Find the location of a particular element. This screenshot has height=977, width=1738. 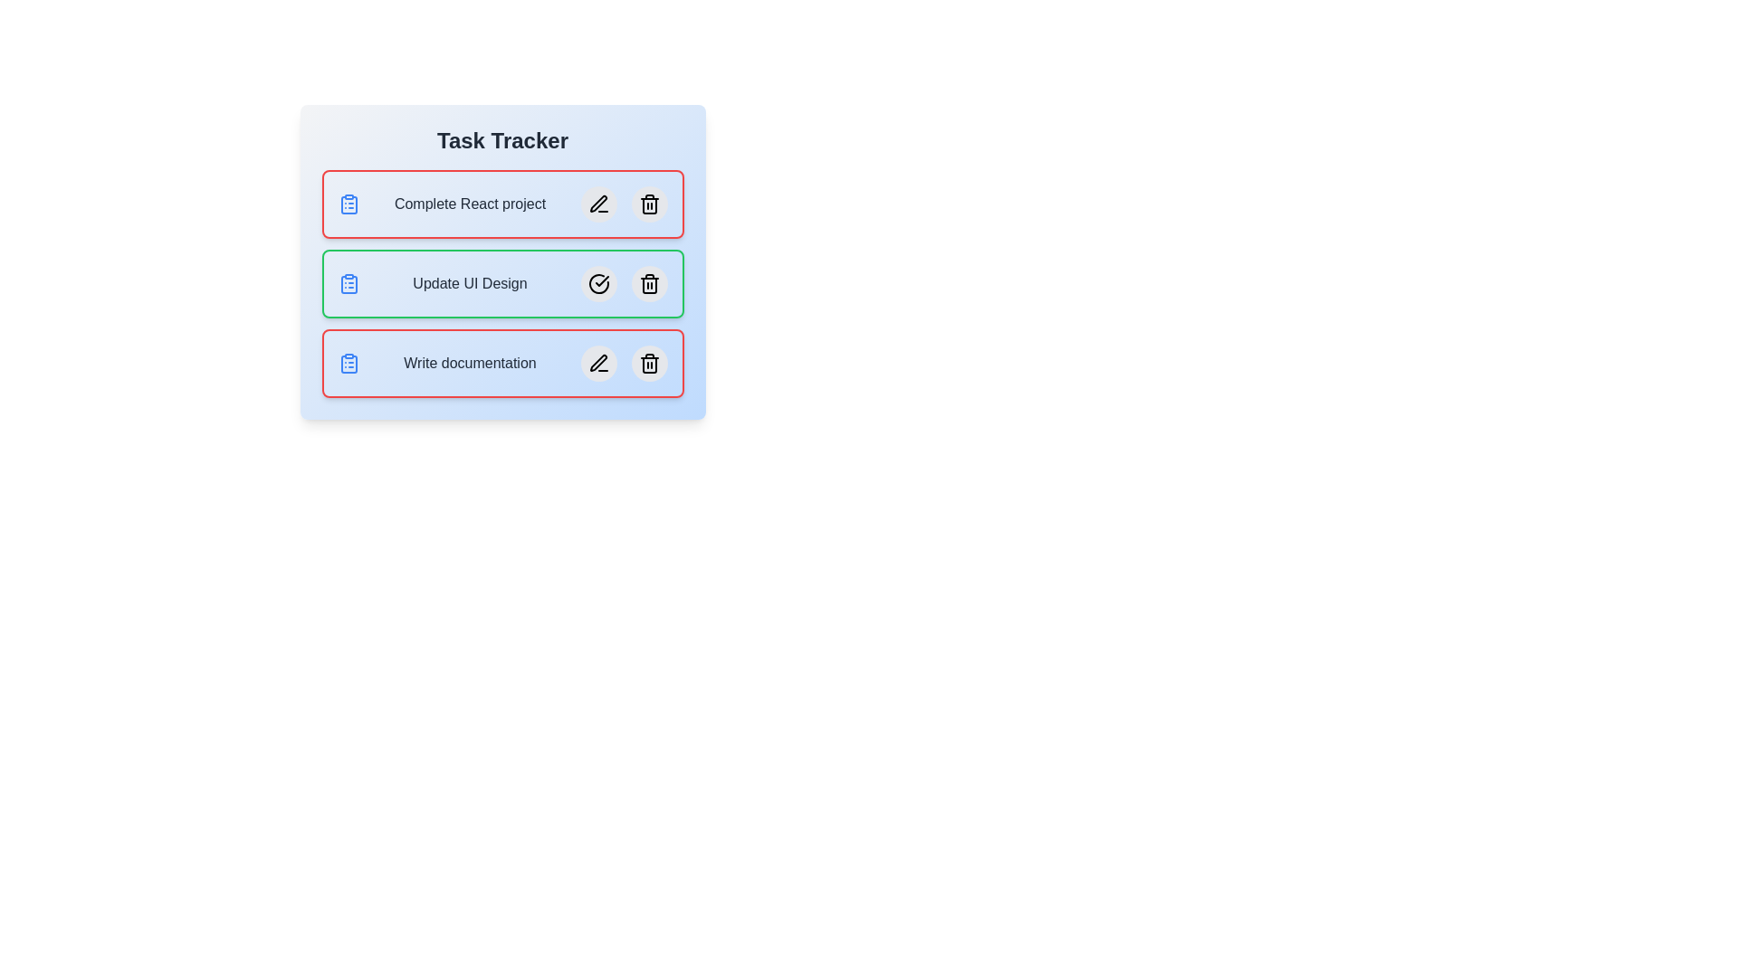

the delete button for the task named Complete React project is located at coordinates (649, 204).